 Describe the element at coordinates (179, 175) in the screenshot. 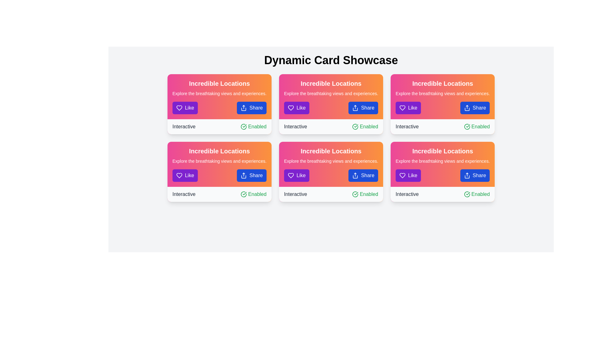

I see `the heart-shaped like icon outlined in purple, located to the left of the 'Like' text label in the lower left section of the card` at that location.